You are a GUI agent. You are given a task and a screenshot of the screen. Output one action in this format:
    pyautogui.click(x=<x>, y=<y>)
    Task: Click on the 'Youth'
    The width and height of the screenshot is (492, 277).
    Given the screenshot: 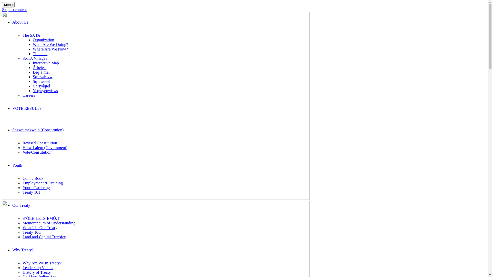 What is the action you would take?
    pyautogui.click(x=17, y=165)
    